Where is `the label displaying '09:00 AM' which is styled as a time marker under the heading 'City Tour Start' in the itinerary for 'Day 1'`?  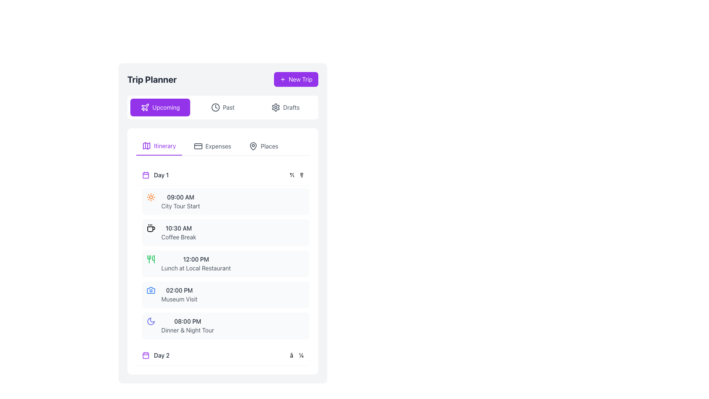
the label displaying '09:00 AM' which is styled as a time marker under the heading 'City Tour Start' in the itinerary for 'Day 1' is located at coordinates (181, 197).